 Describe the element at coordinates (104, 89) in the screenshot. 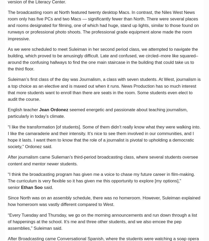

I see `'Suleiman’s first class of the day was Journalism, a class with seven students. At West, journalism is a top choice as an elective and is maxed out when it runs. News Production has so much interest that more students want to enroll than there are seats in the room. Some students even elect to audit the course.'` at that location.